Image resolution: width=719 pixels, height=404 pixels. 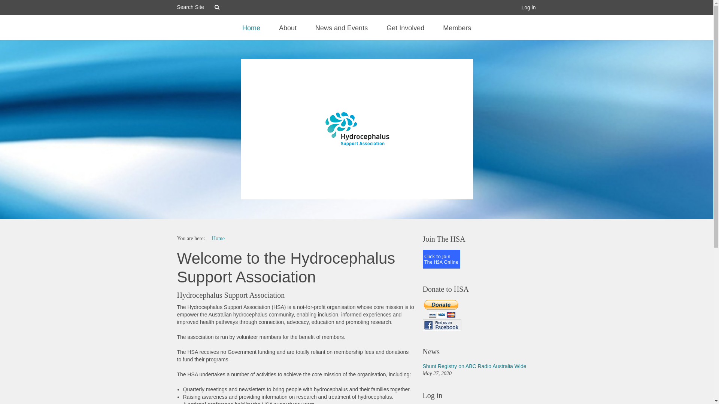 What do you see at coordinates (528, 7) in the screenshot?
I see `'Log in'` at bounding box center [528, 7].